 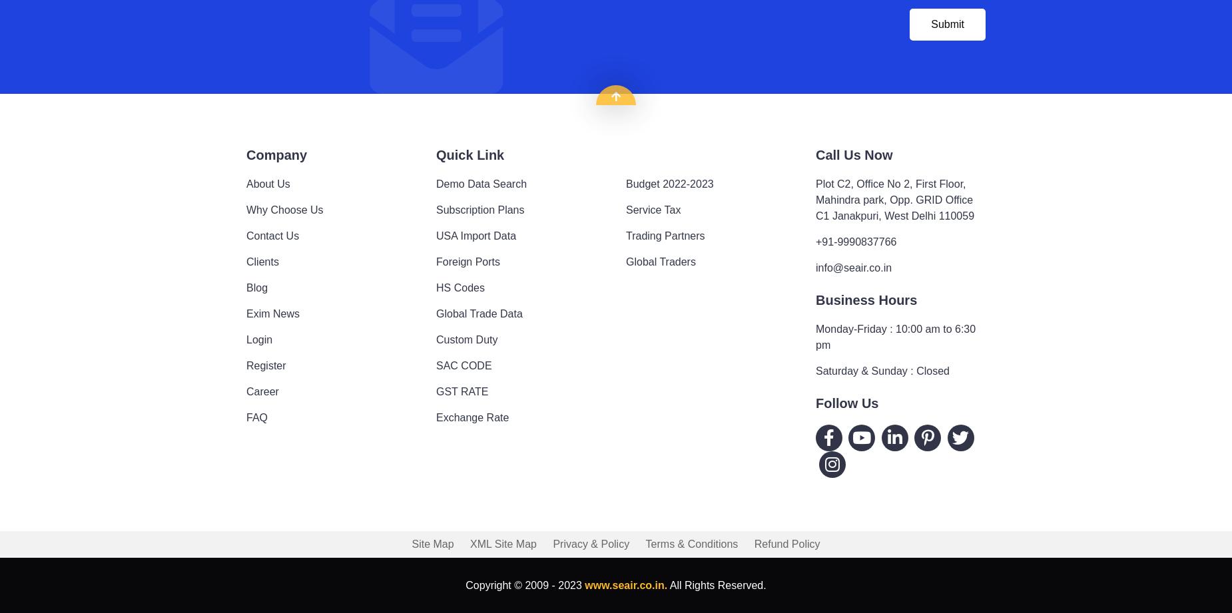 What do you see at coordinates (265, 364) in the screenshot?
I see `'Register'` at bounding box center [265, 364].